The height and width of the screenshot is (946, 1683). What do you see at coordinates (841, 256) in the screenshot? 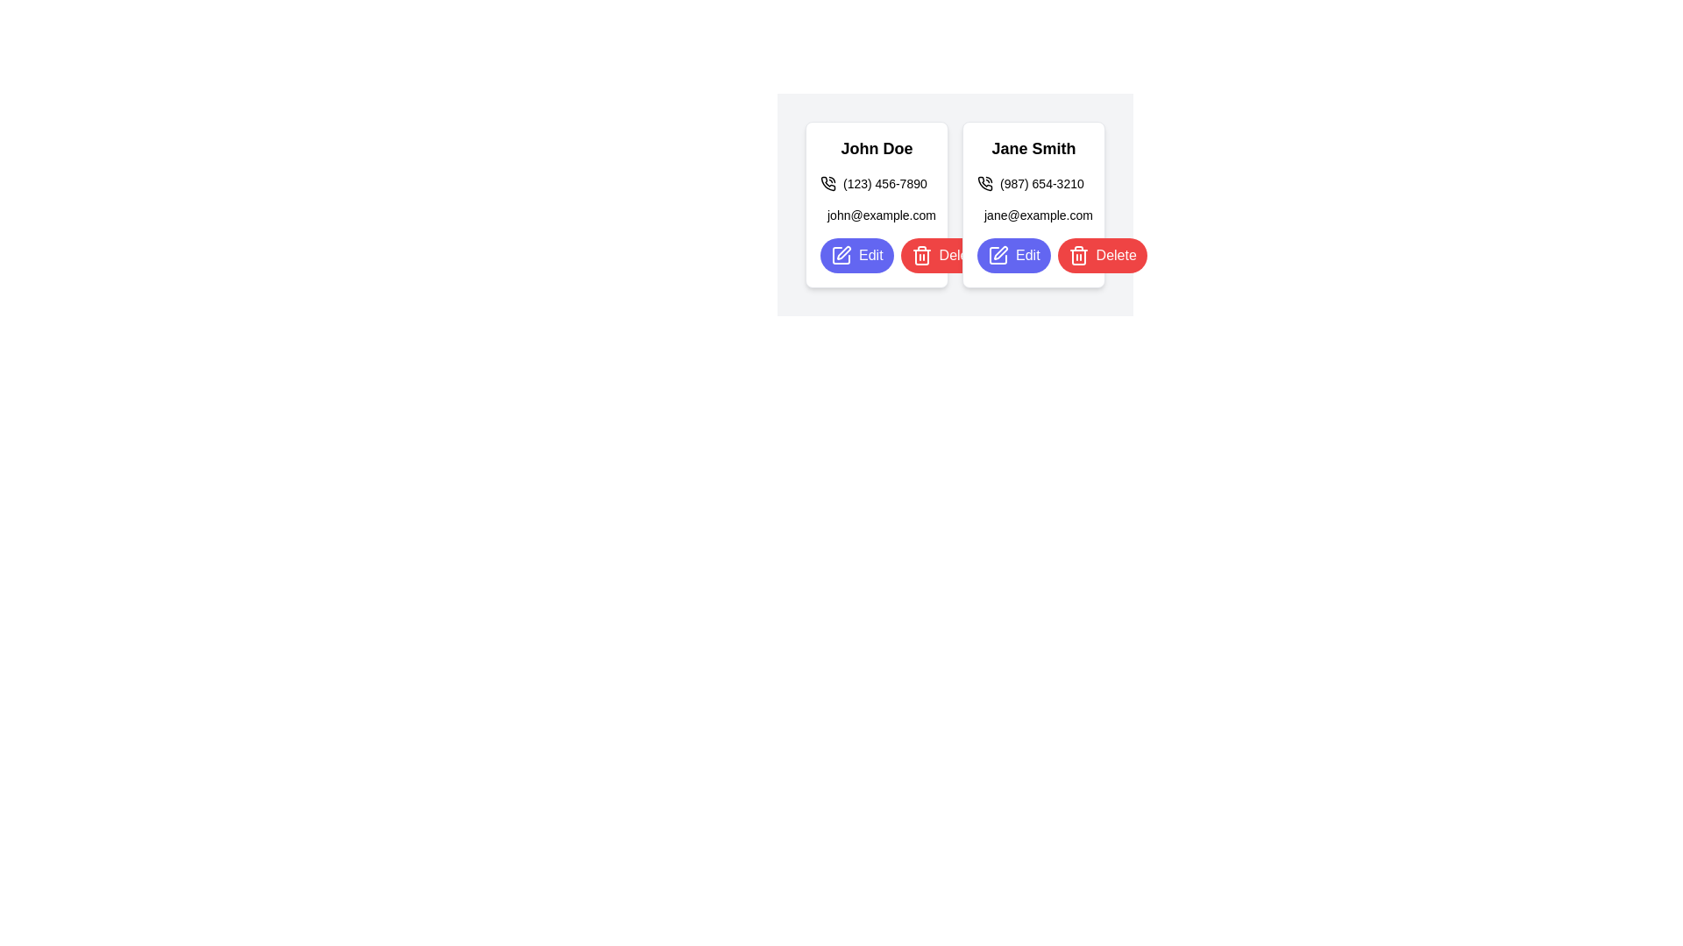
I see `the pen icon with a thin white outline on a blue circular background` at bounding box center [841, 256].